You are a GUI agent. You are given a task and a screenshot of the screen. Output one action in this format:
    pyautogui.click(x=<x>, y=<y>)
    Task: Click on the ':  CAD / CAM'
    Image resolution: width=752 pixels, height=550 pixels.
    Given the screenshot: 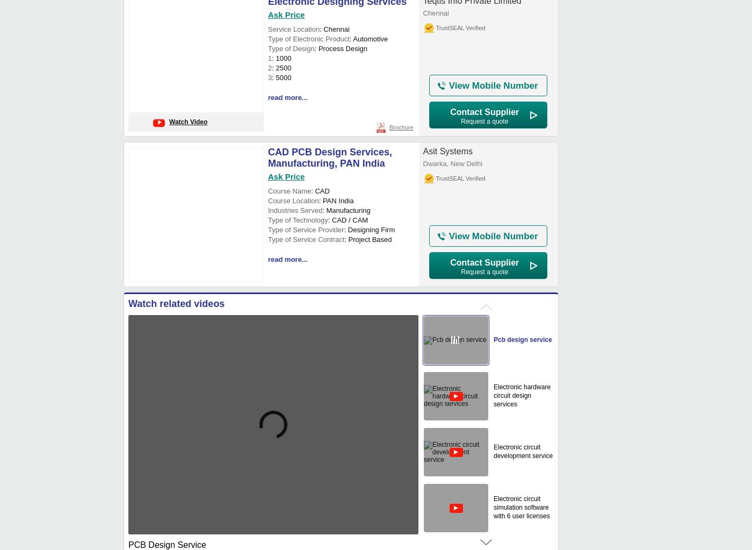 What is the action you would take?
    pyautogui.click(x=348, y=220)
    